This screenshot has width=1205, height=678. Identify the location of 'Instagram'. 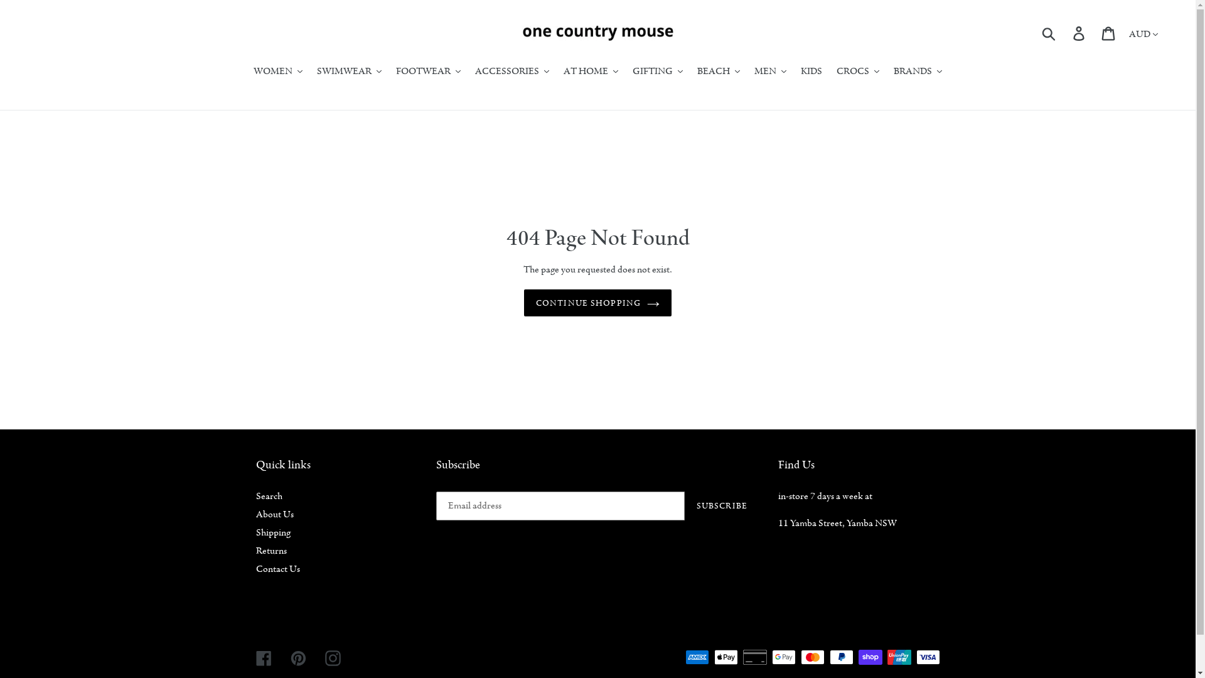
(325, 656).